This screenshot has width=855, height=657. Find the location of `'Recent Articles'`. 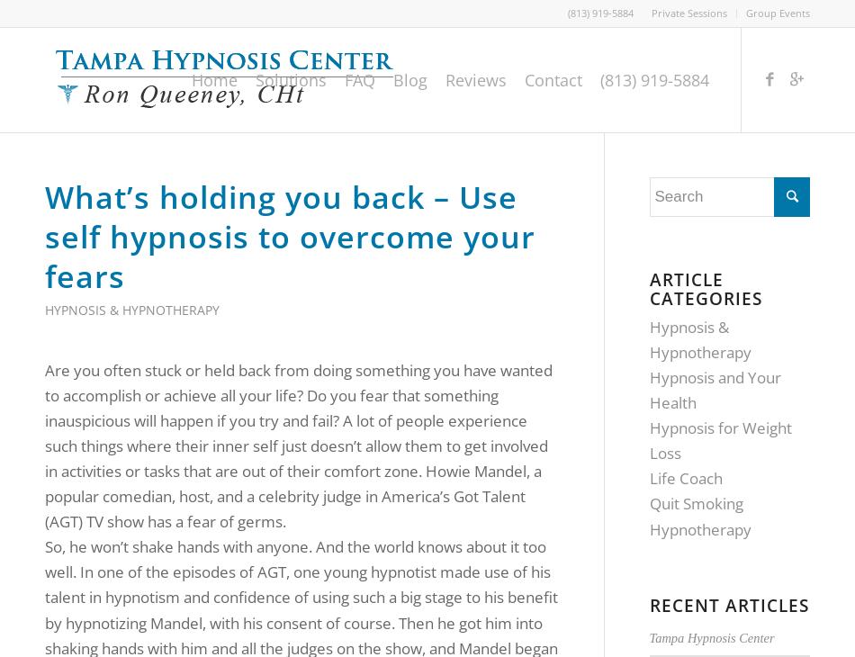

'Recent Articles' is located at coordinates (727, 604).